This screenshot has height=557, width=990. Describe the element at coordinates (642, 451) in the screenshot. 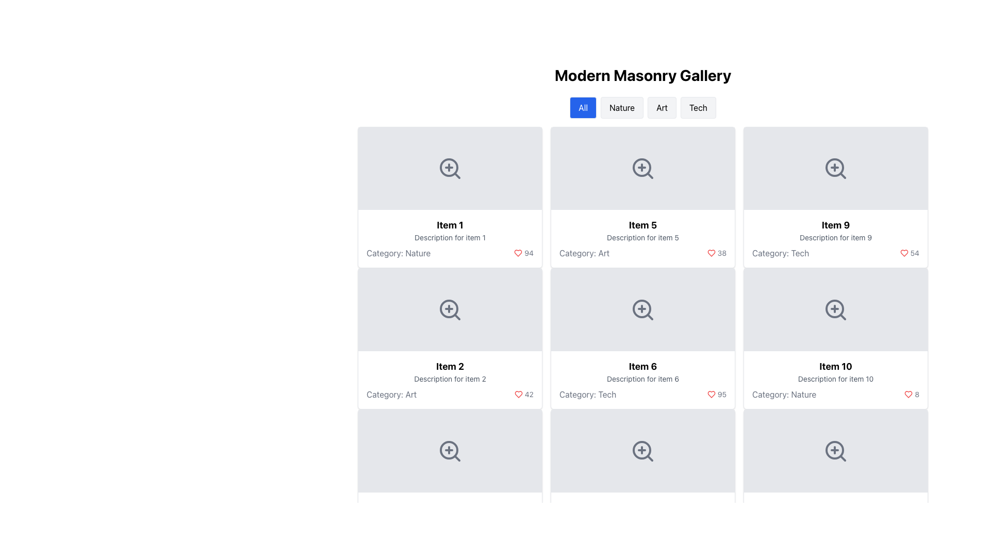

I see `the magnifying glass icon with a plus symbol inside it, which is located under the card labeled Item 6 and centered within the gray block above the text description and heart icon` at that location.